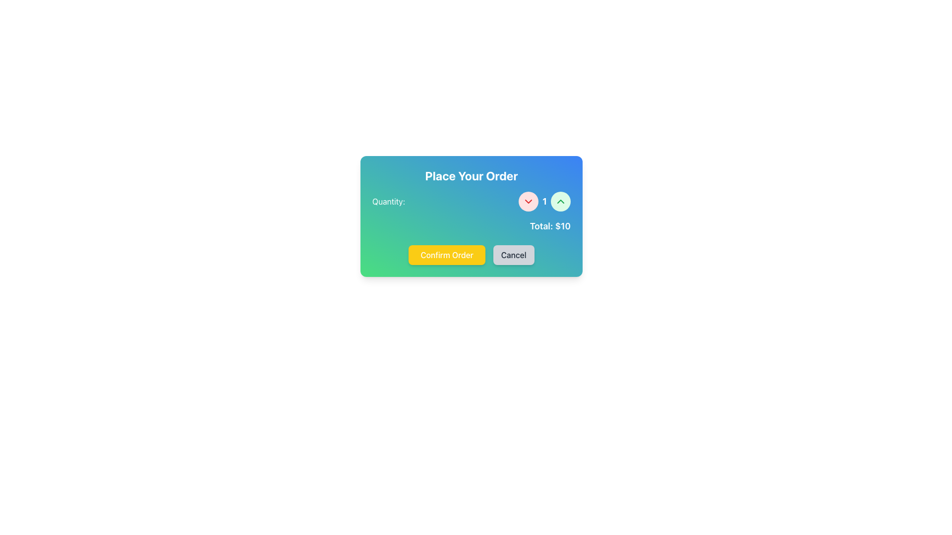  Describe the element at coordinates (544, 201) in the screenshot. I see `the static text displaying the current quantity value, located under 'Place Your Order', to the right of 'Quantity:' and between two round buttons with arrow icons` at that location.